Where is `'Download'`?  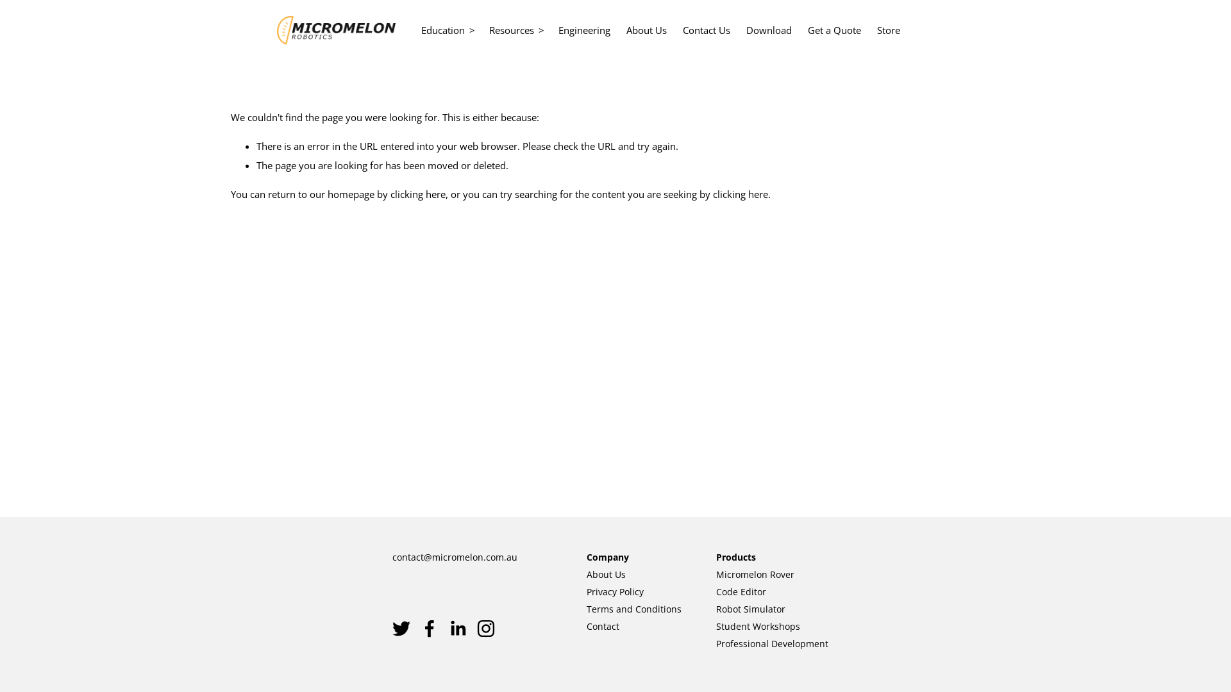
'Download' is located at coordinates (746, 29).